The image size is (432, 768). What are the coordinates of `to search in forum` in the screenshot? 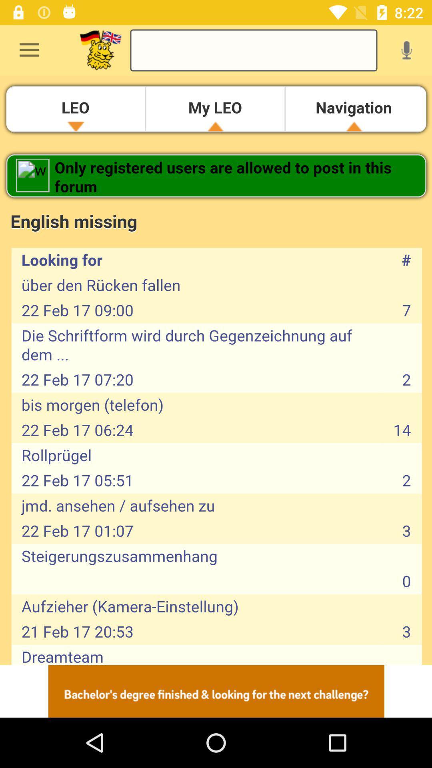 It's located at (254, 50).